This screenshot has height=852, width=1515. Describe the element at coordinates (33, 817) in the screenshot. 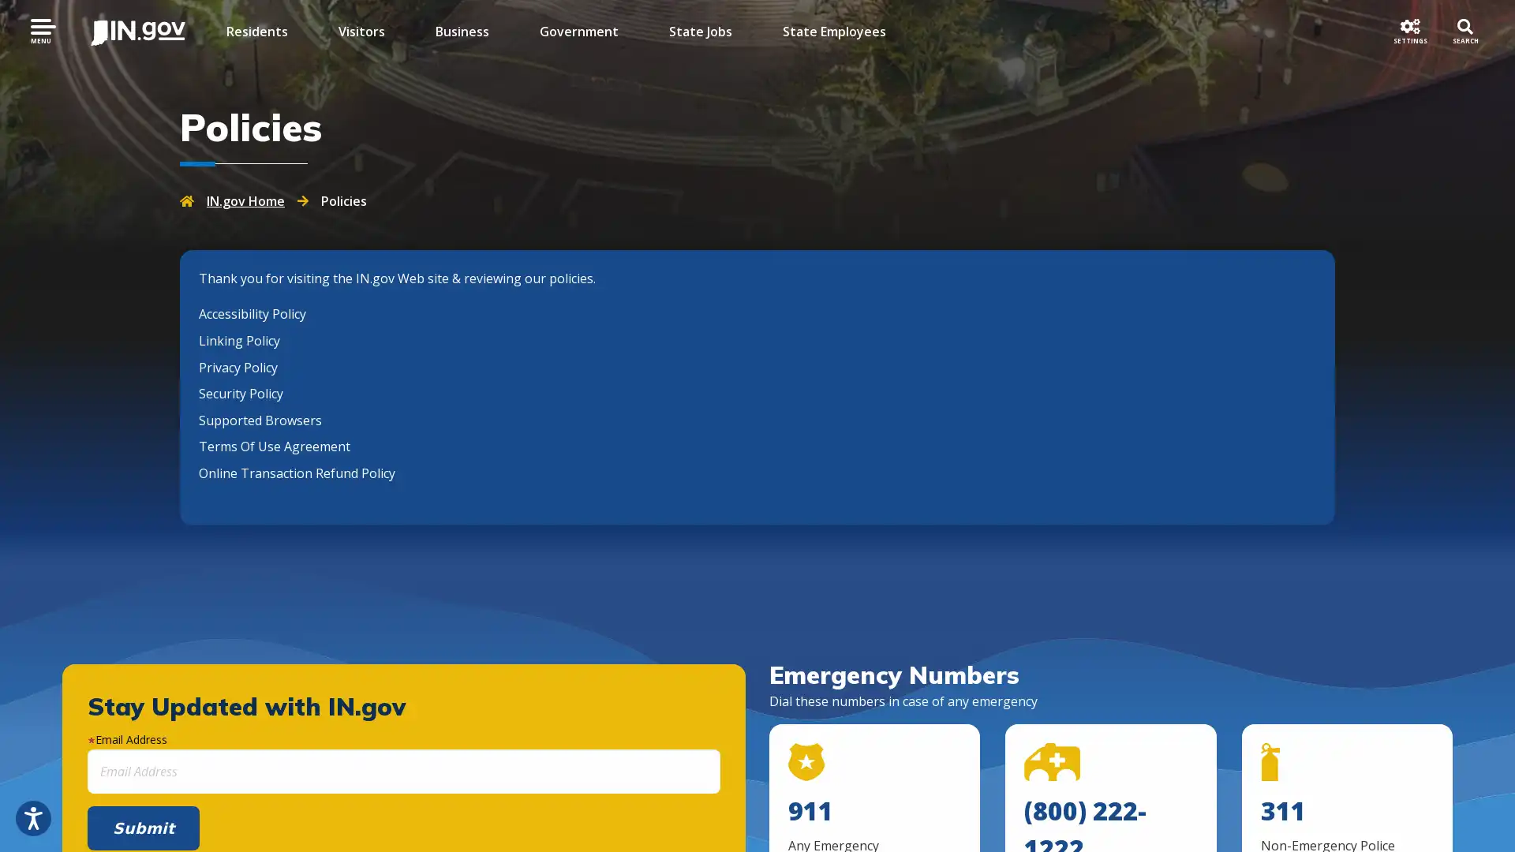

I see `Open accessibility options, statement and help` at that location.